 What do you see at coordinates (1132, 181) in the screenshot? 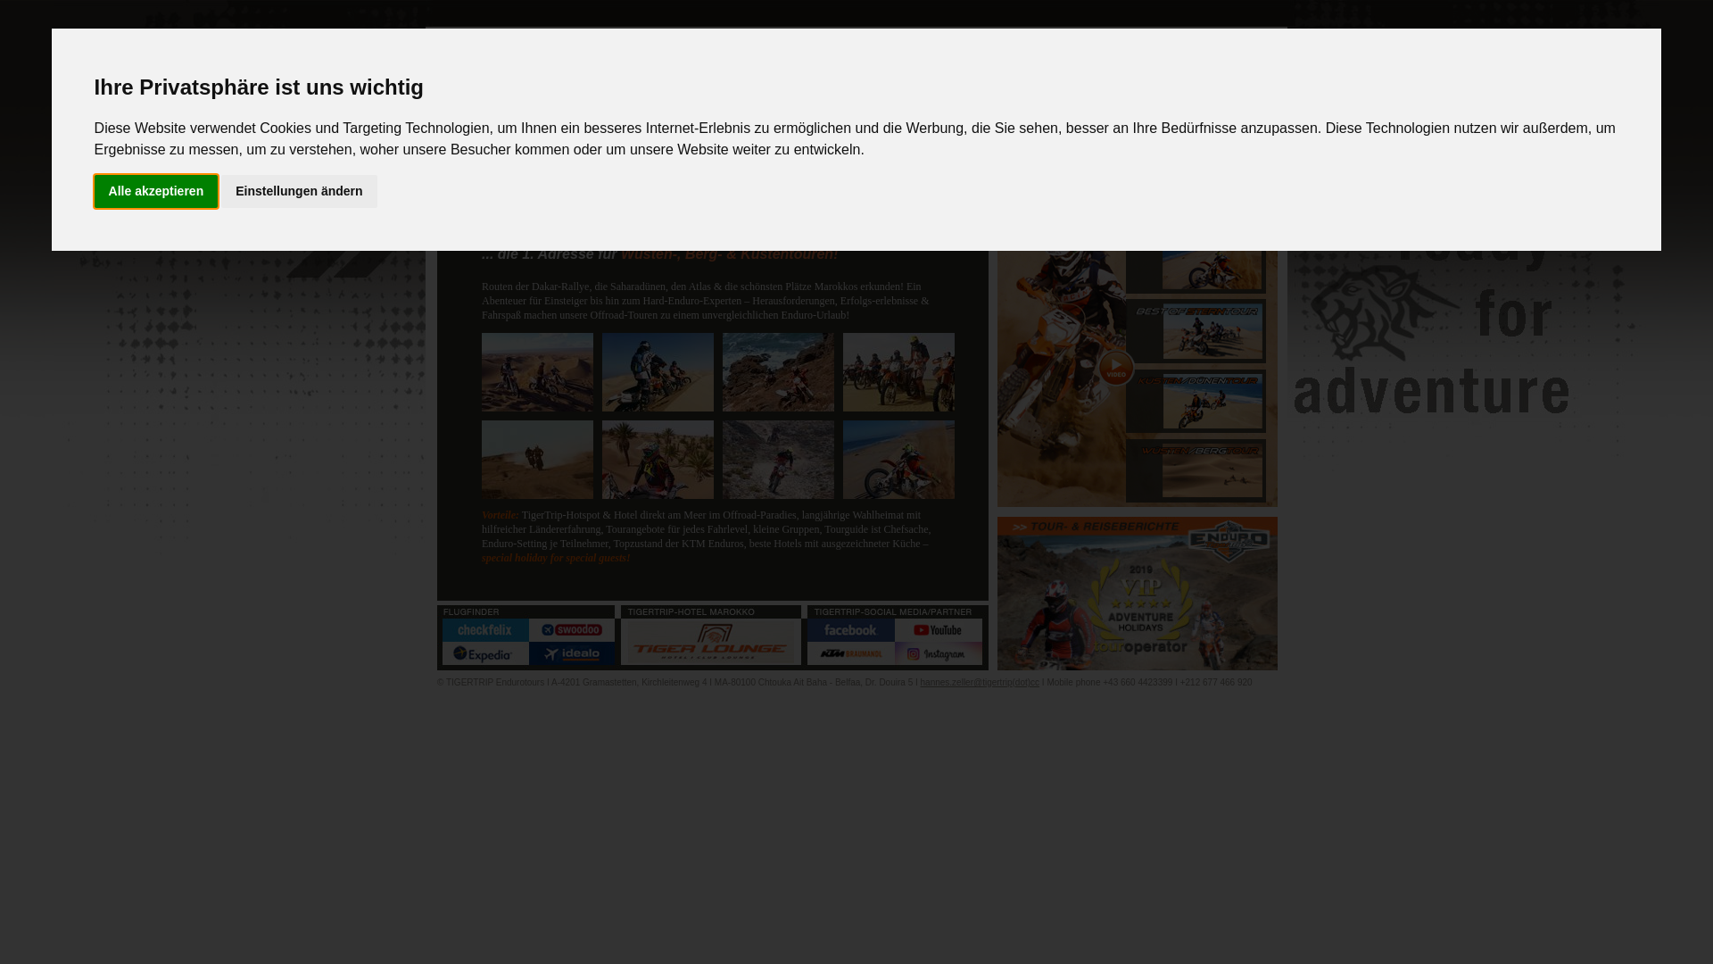
I see `'KONTAKT'` at bounding box center [1132, 181].